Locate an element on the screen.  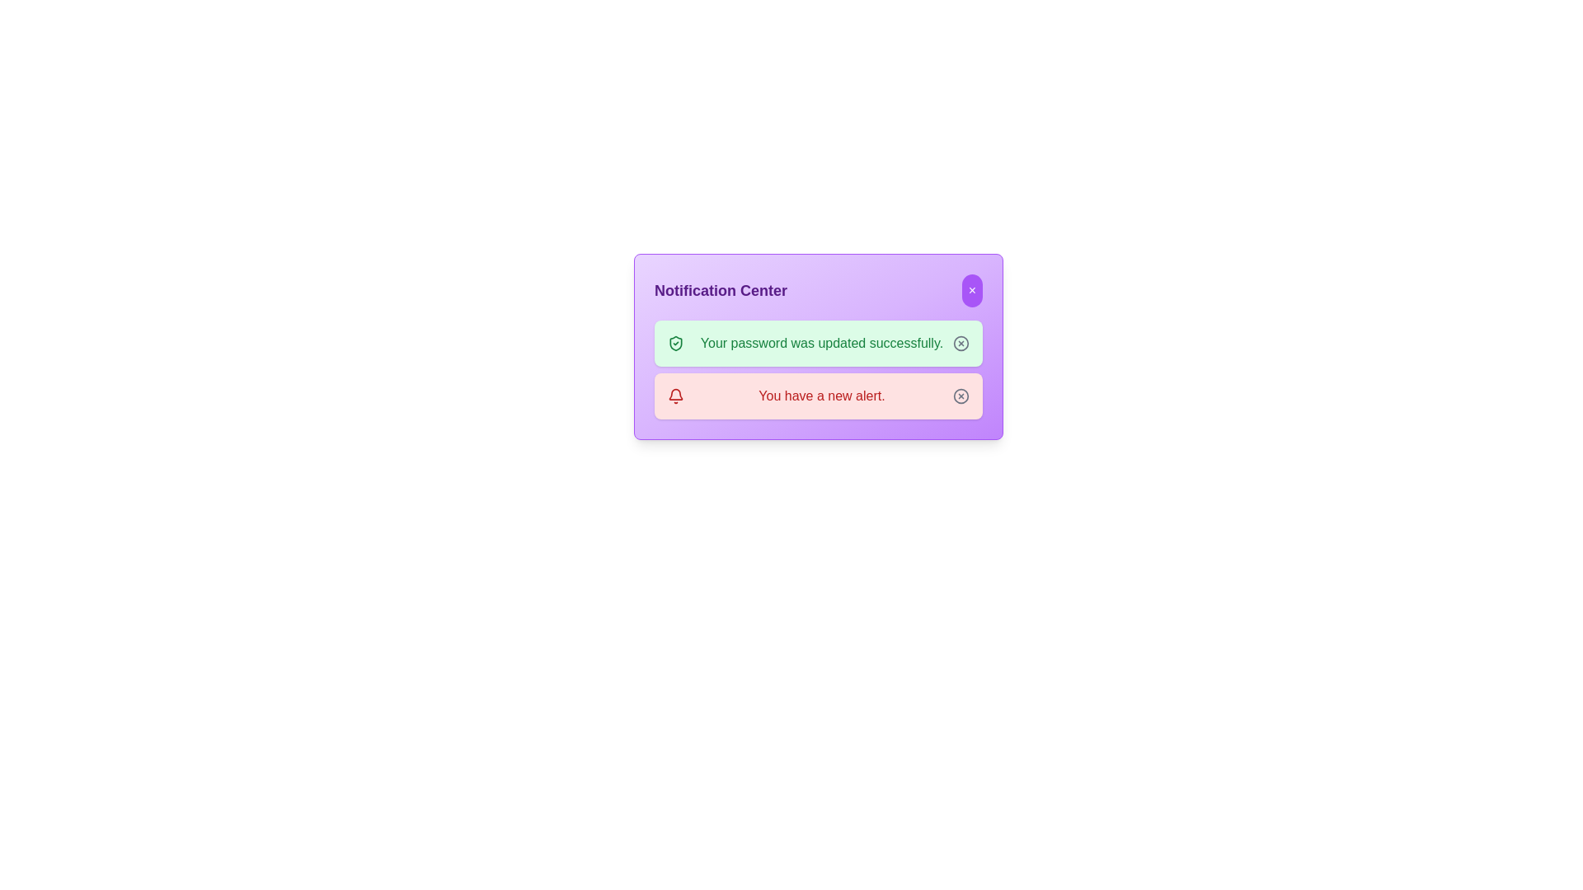
the informational message card with a light green background that contains the text 'Your password was updated successfully.' and a close button, located in the notification panel below 'Notification Center' is located at coordinates (819, 342).